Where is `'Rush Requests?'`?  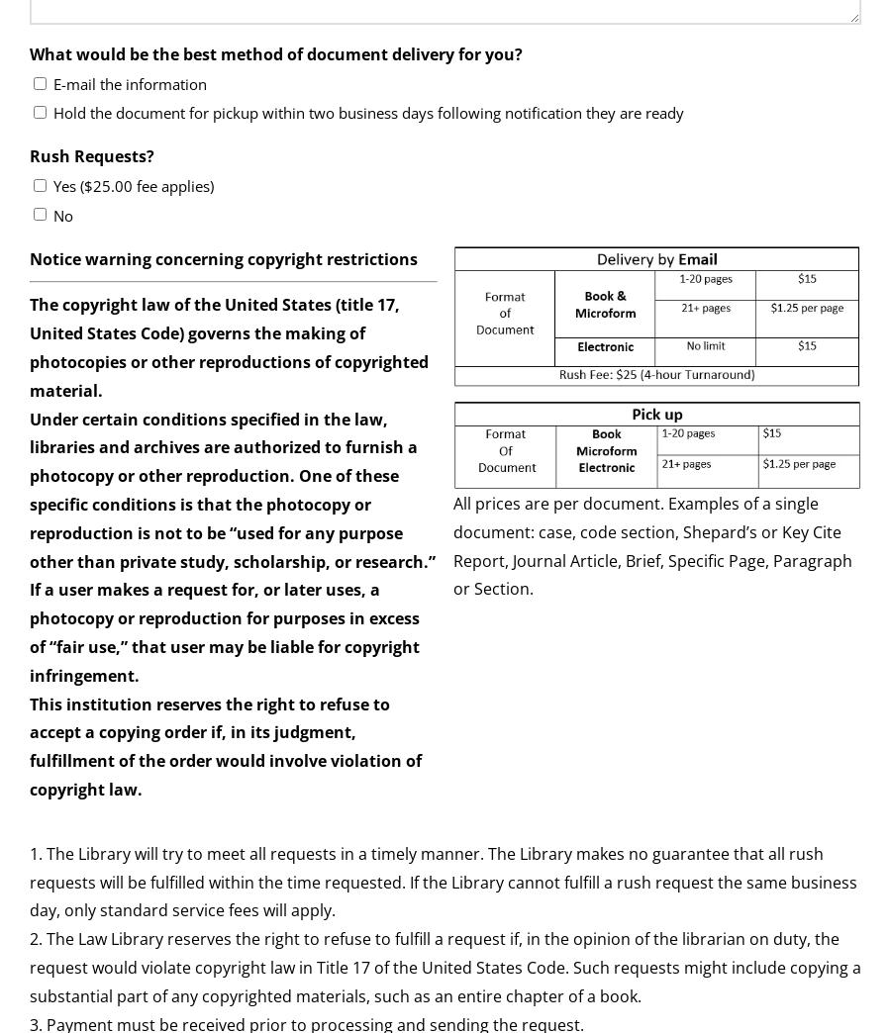 'Rush Requests?' is located at coordinates (28, 154).